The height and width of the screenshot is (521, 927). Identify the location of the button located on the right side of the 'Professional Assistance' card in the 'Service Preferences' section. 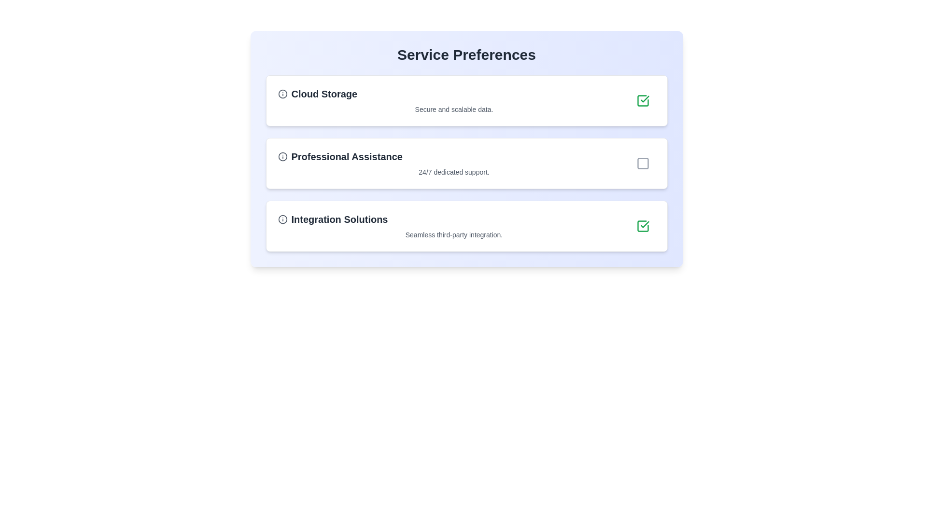
(643, 163).